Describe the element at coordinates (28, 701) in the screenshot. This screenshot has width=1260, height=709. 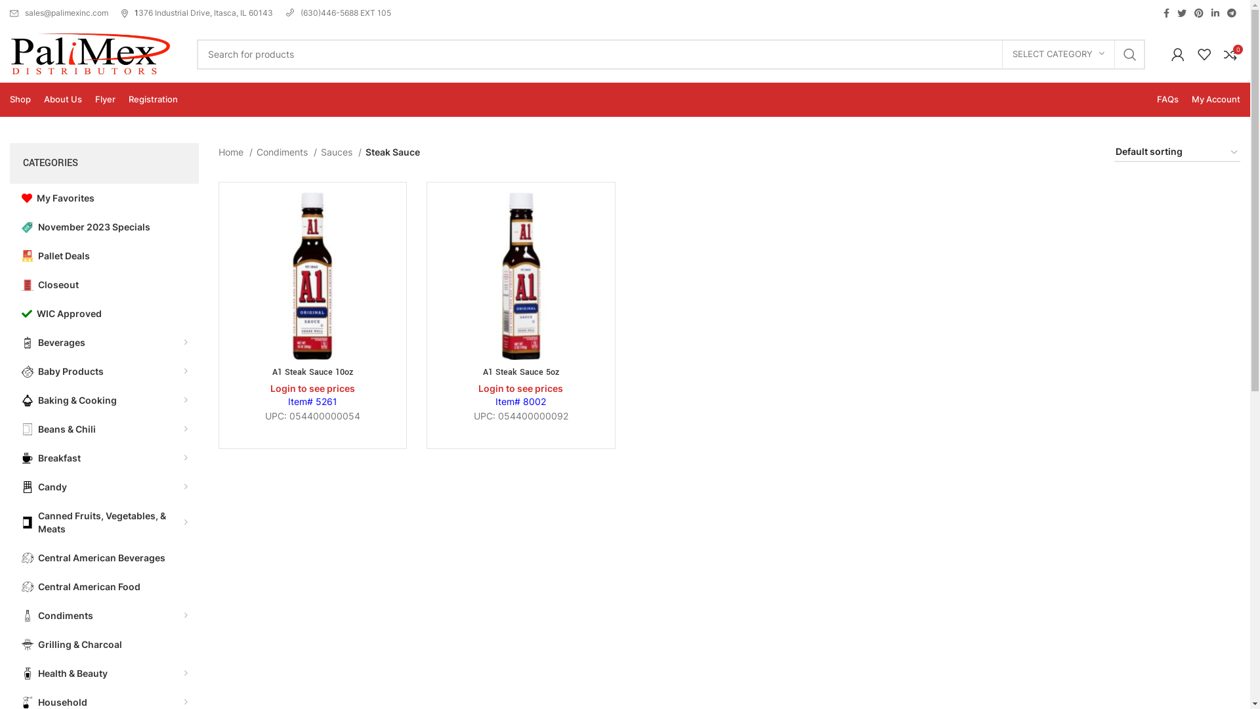
I see `'cleaning-spray-svgrepo-com'` at that location.